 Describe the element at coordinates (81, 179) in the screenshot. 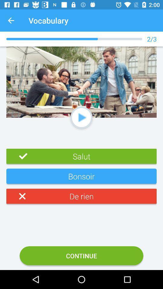

I see `the option bonsoir` at that location.